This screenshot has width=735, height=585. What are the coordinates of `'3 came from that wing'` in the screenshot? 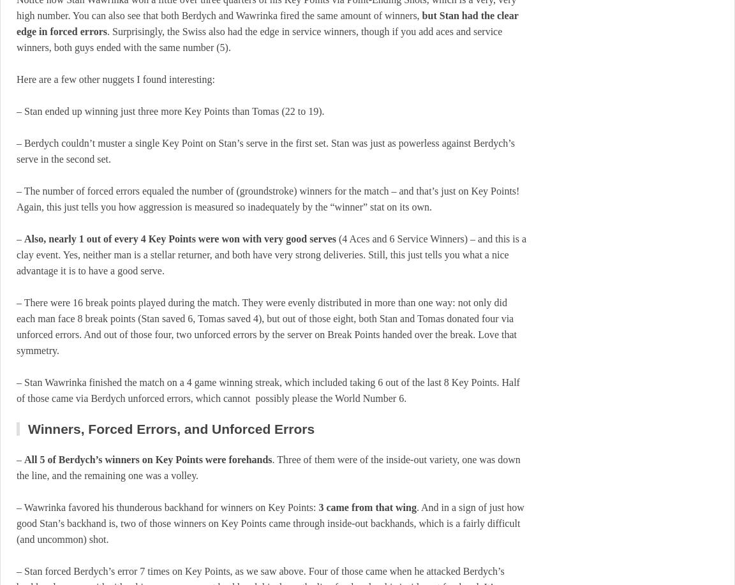 It's located at (367, 507).